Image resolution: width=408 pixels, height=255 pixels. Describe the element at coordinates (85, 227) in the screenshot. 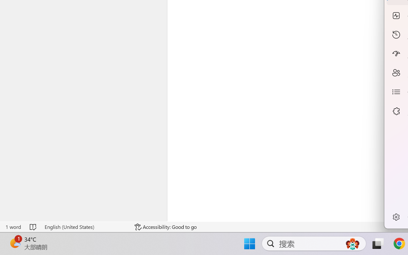

I see `'Language English (United States)'` at that location.